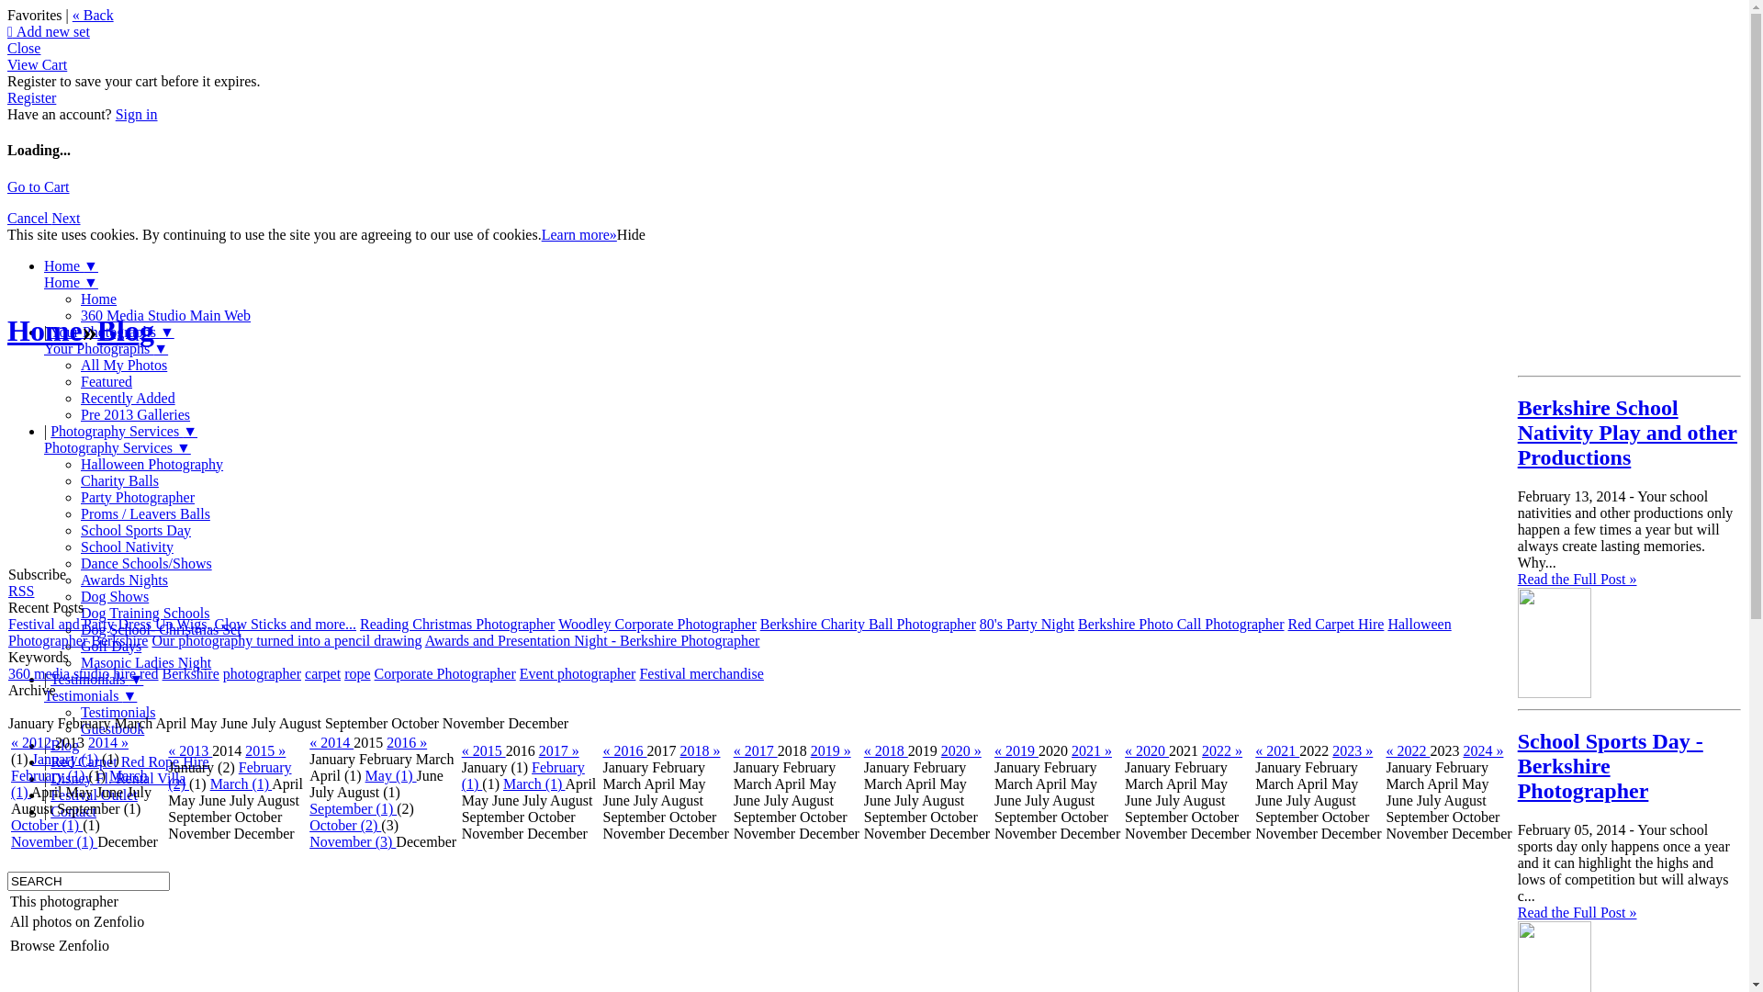 The width and height of the screenshot is (1763, 992). I want to click on 'November (1)', so click(53, 841).